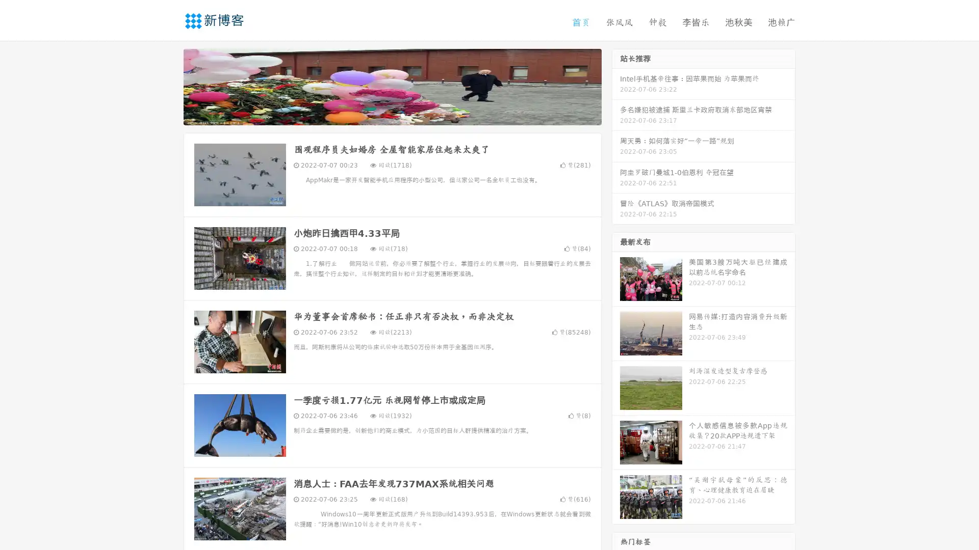 The width and height of the screenshot is (979, 550). Describe the element at coordinates (381, 115) in the screenshot. I see `Go to slide 1` at that location.